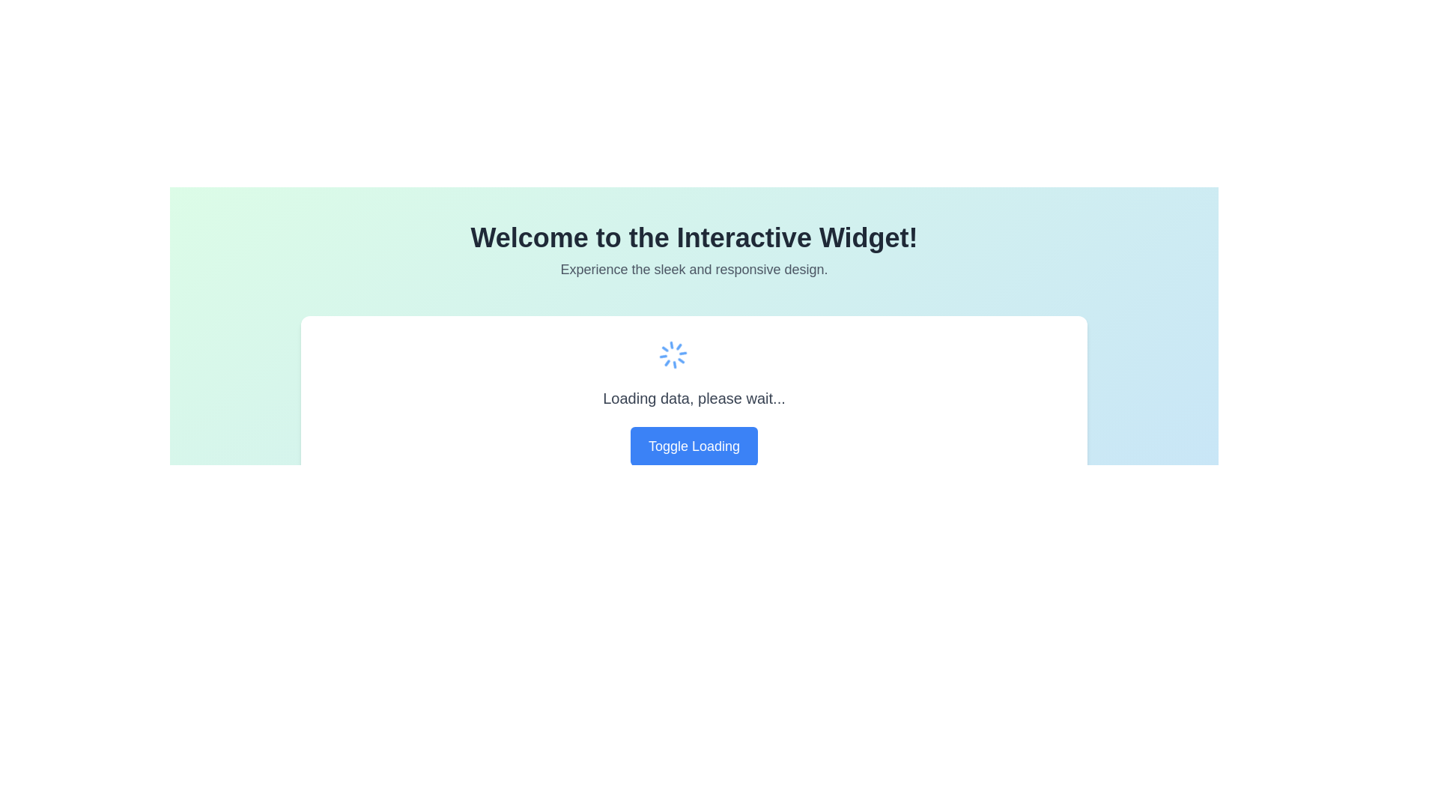  I want to click on the text label that indicates data is currently being loaded, which is centrally located between a spinning animation above it and a button labeled 'Toggle Loading' below it, so click(693, 398).